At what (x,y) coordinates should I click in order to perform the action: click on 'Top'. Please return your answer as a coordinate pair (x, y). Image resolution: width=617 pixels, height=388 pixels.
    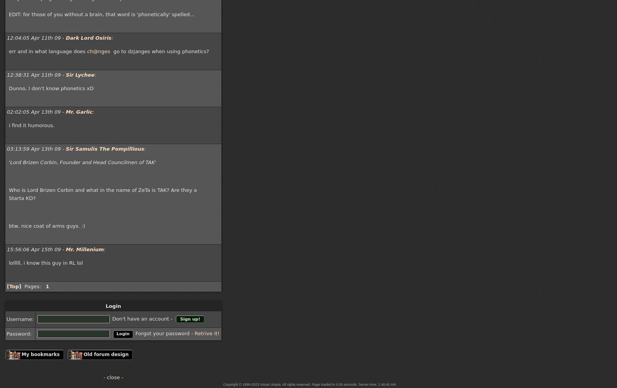
    Looking at the image, I should click on (13, 286).